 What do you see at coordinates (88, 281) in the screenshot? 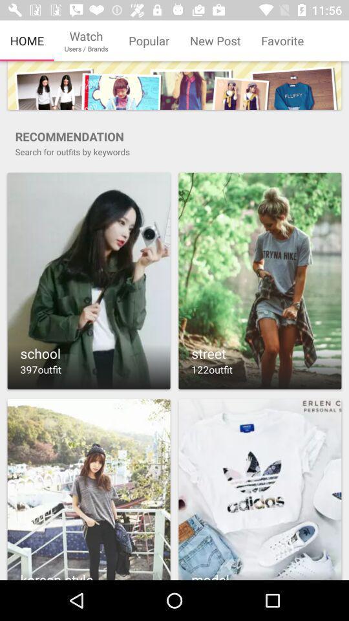
I see `expand image` at bounding box center [88, 281].